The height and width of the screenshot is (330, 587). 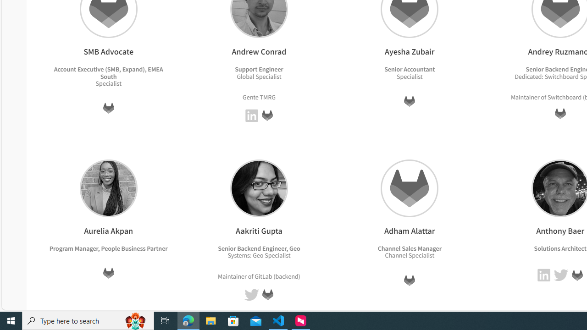 What do you see at coordinates (108, 187) in the screenshot?
I see `'Aurelia Akpan'` at bounding box center [108, 187].